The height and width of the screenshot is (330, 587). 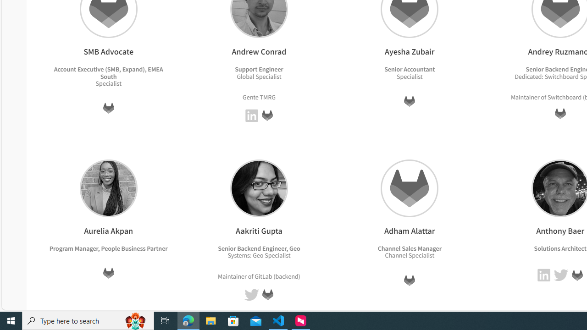 What do you see at coordinates (108, 187) in the screenshot?
I see `'Aurelia Akpan'` at bounding box center [108, 187].